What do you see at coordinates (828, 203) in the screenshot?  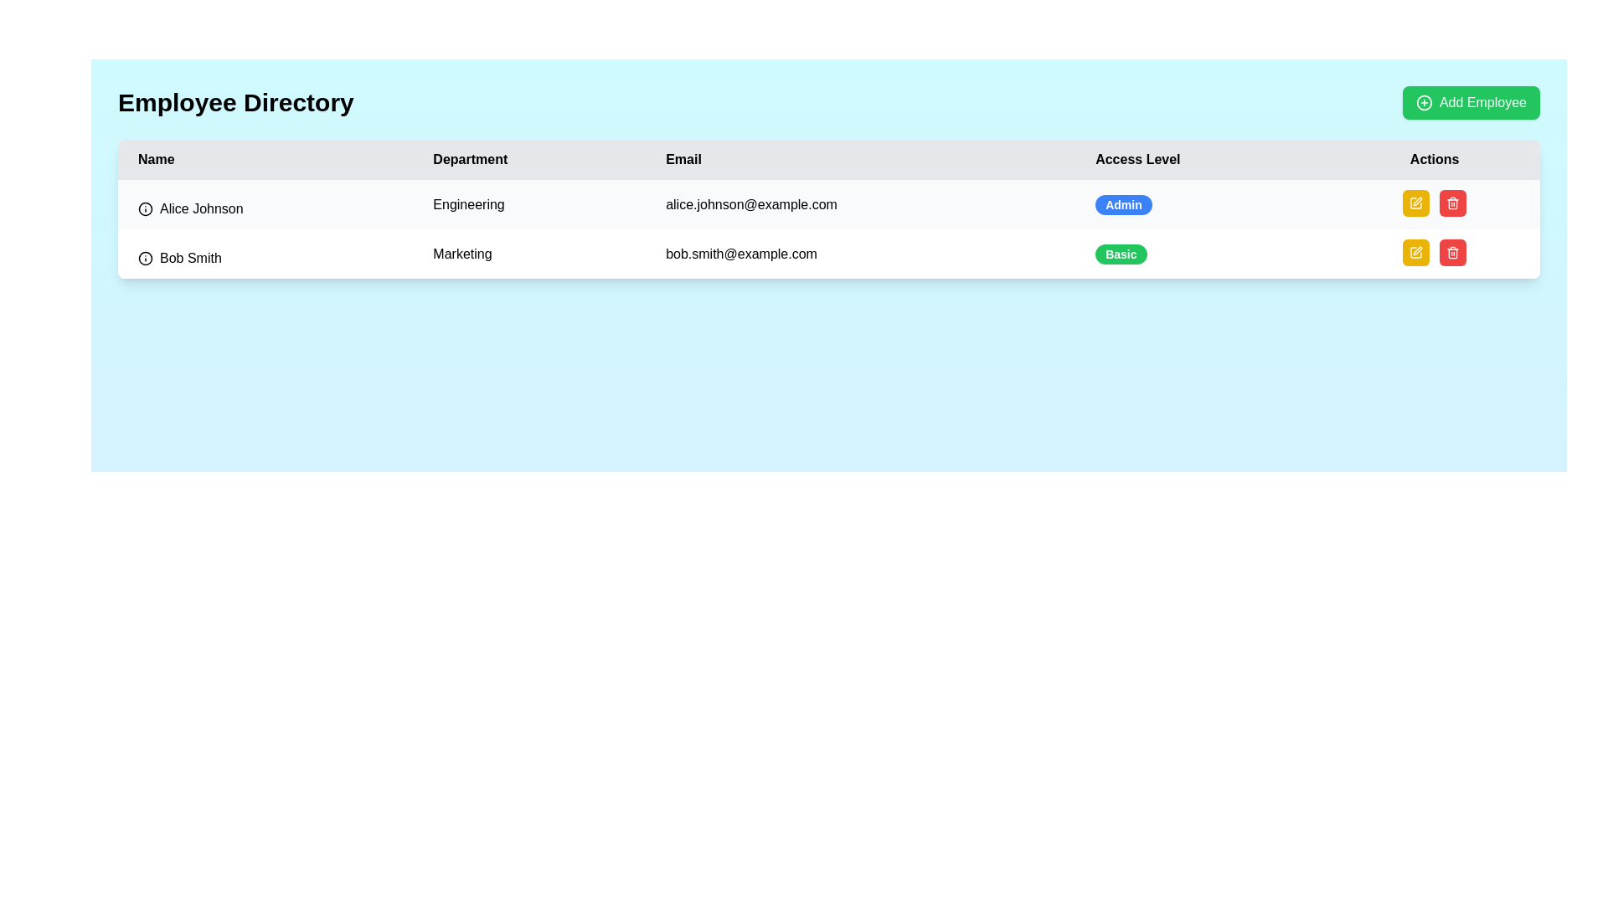 I see `the first row of the employee table containing details of Alice Johnson` at bounding box center [828, 203].